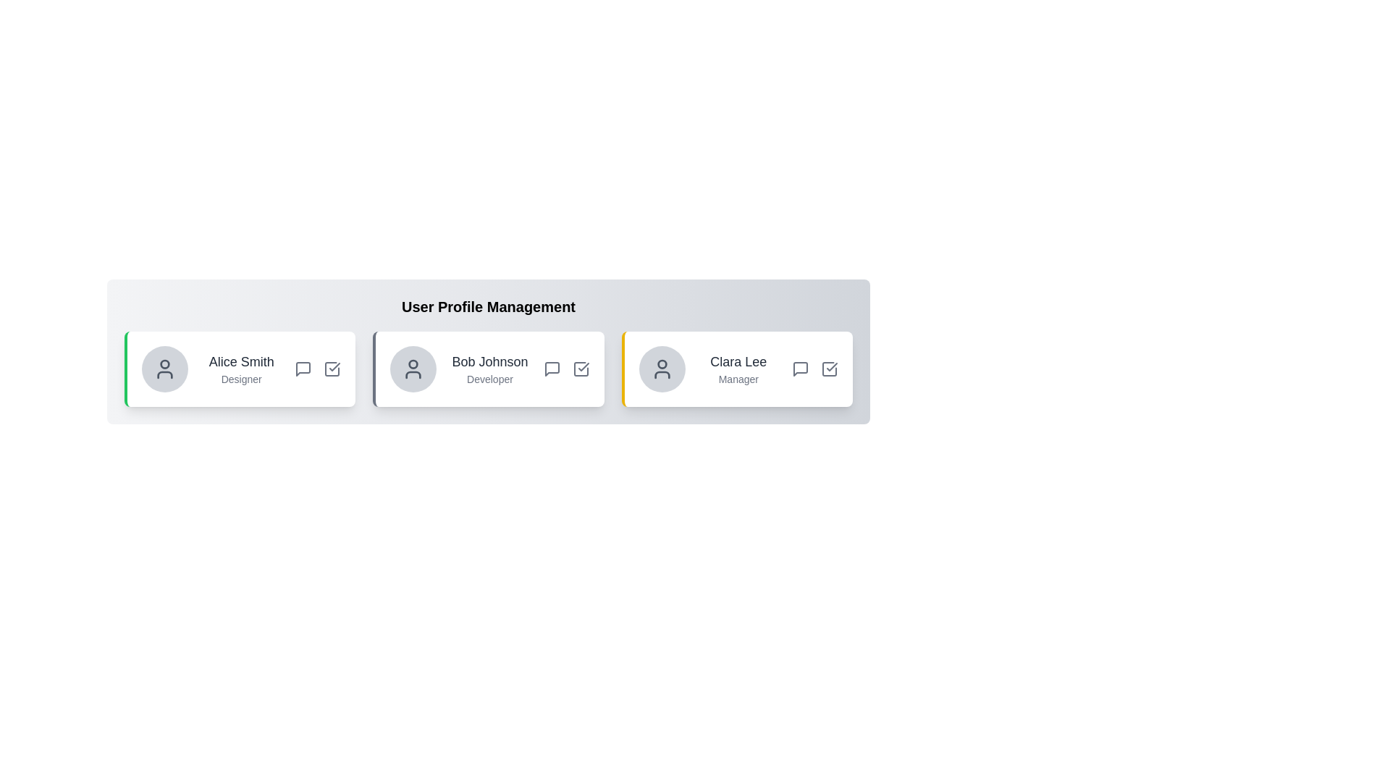 The width and height of the screenshot is (1390, 782). What do you see at coordinates (581, 368) in the screenshot?
I see `the square-shaped icon button with a checkmark inside, located in the lower right corner of the card labeled 'Bob Johnson Developer'` at bounding box center [581, 368].